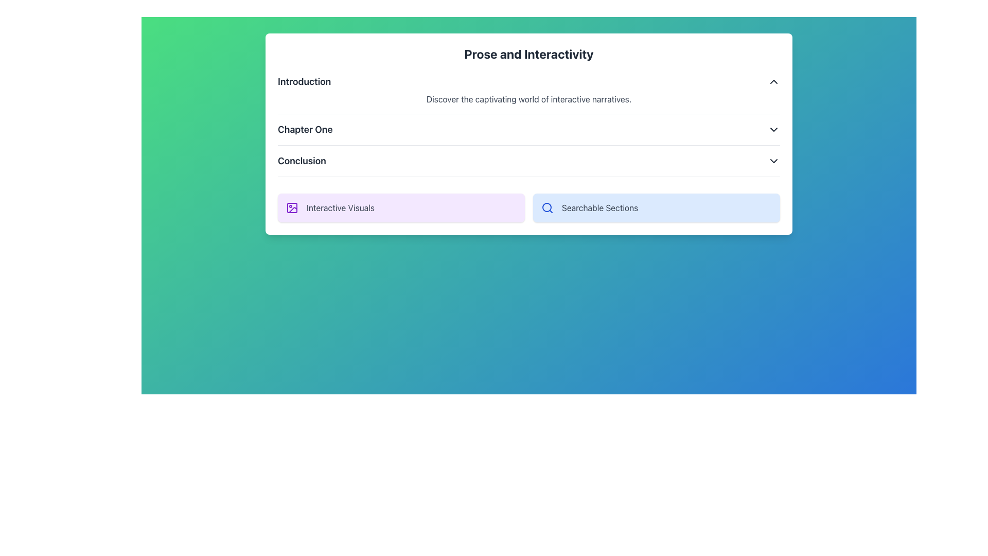 This screenshot has height=556, width=988. Describe the element at coordinates (773, 161) in the screenshot. I see `the downward pointing chevron icon located to the right of the 'Conclusion' text` at that location.